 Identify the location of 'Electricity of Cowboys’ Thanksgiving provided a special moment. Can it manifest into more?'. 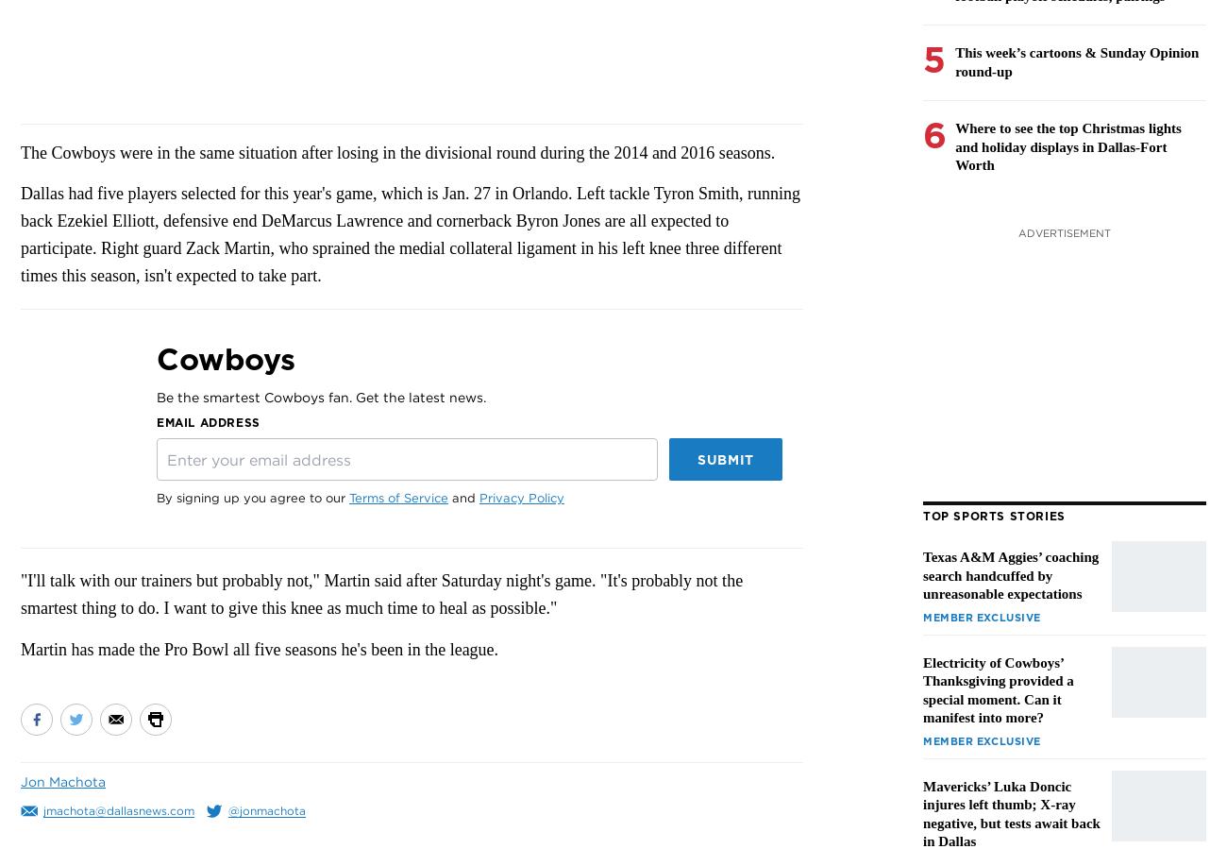
(998, 688).